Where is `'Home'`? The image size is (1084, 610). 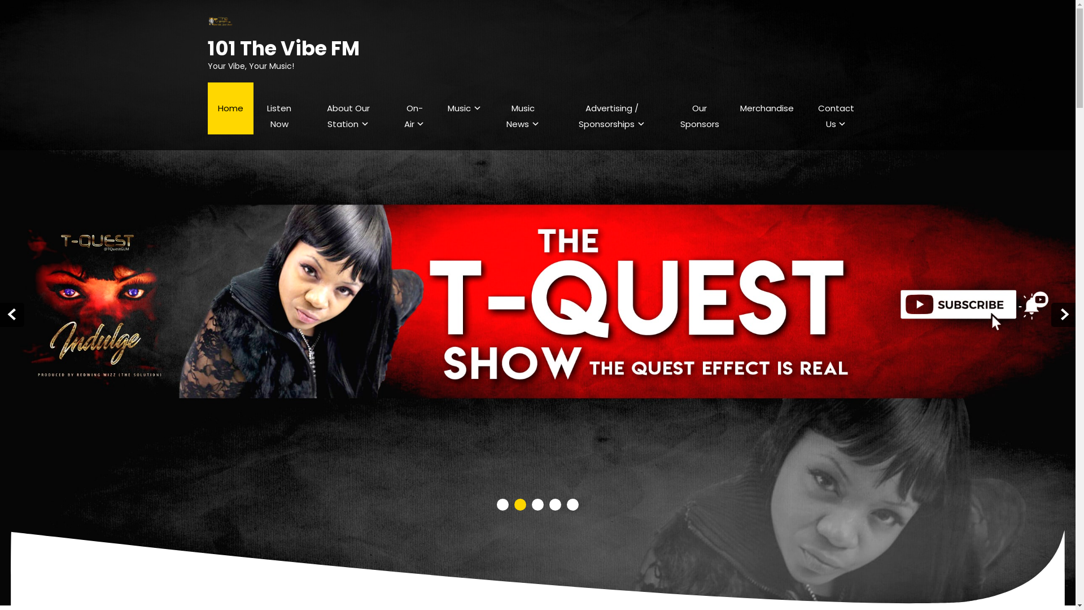 'Home' is located at coordinates (230, 108).